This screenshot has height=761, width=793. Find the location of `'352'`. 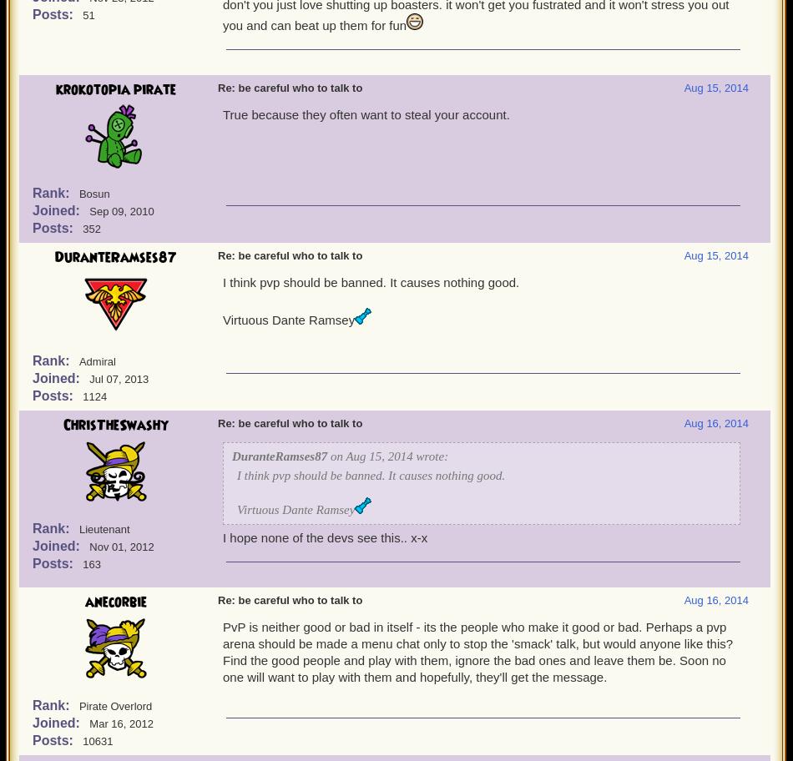

'352' is located at coordinates (92, 228).